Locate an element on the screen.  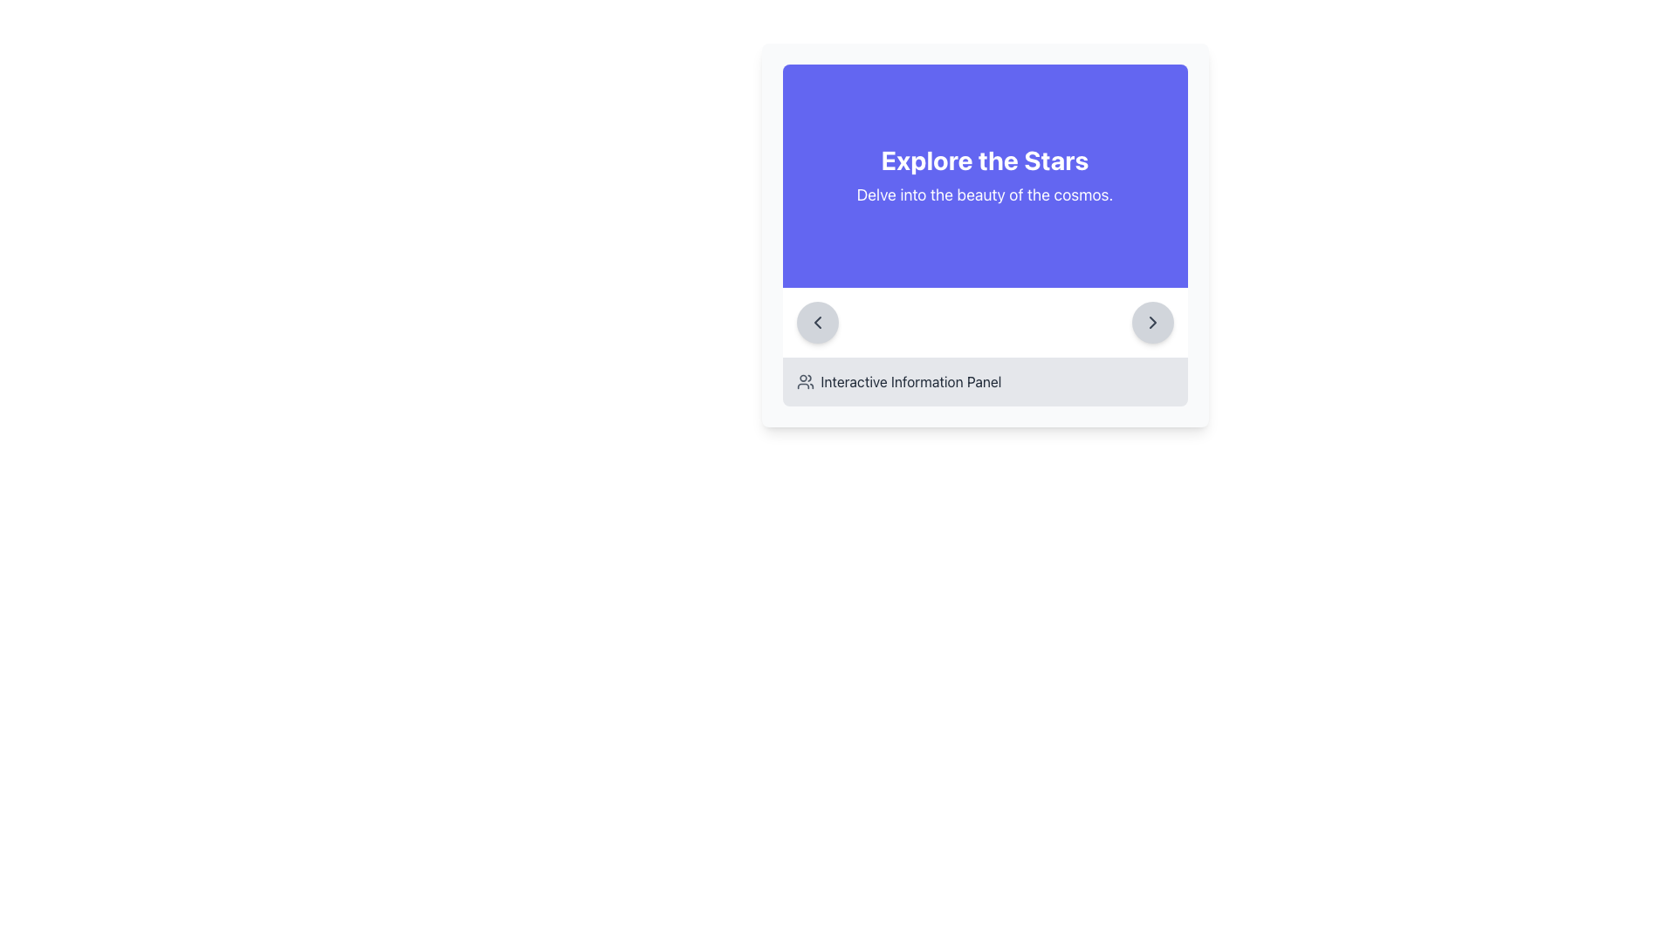
descriptive subtitle text located centrally below the main heading 'Explore the Stars' in the purple section of the interface is located at coordinates (985, 195).